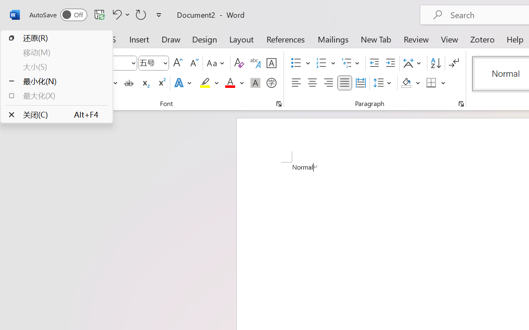 Image resolution: width=529 pixels, height=330 pixels. I want to click on 'Font...', so click(279, 104).